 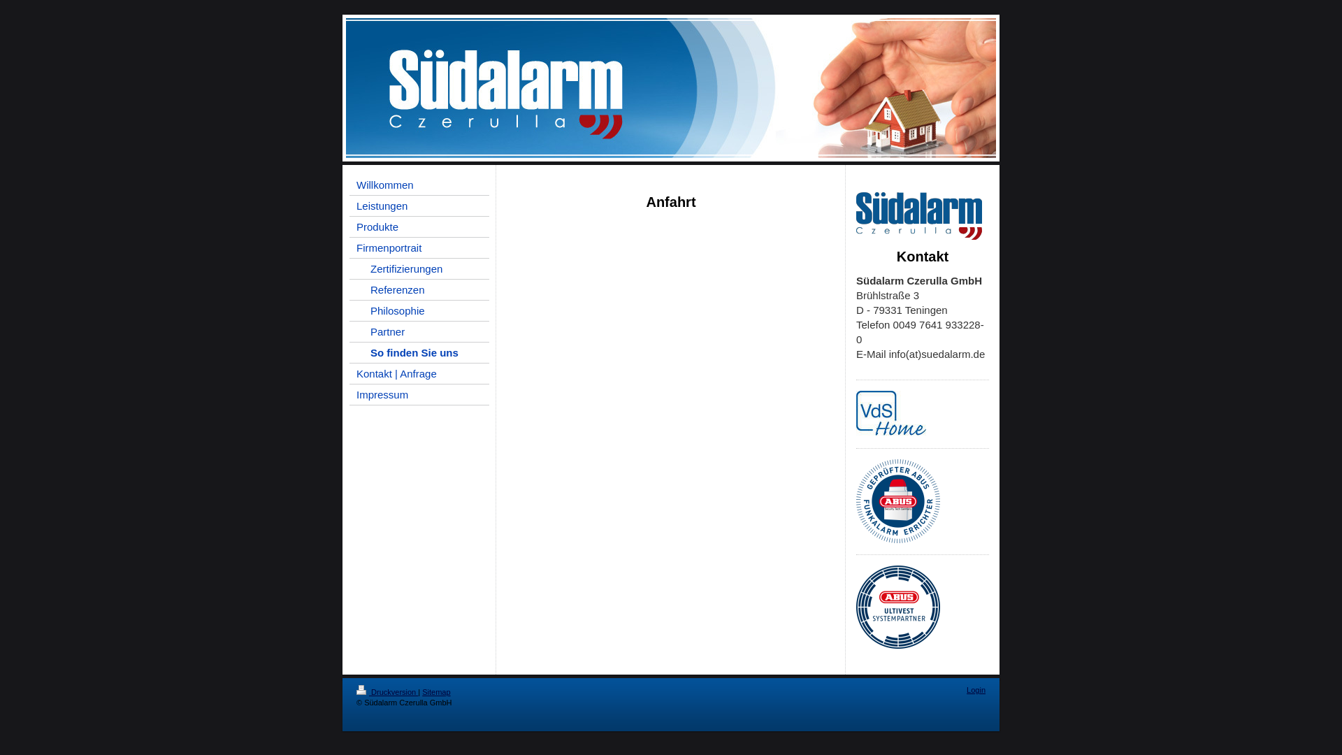 I want to click on 'Zertifizierungen', so click(x=349, y=269).